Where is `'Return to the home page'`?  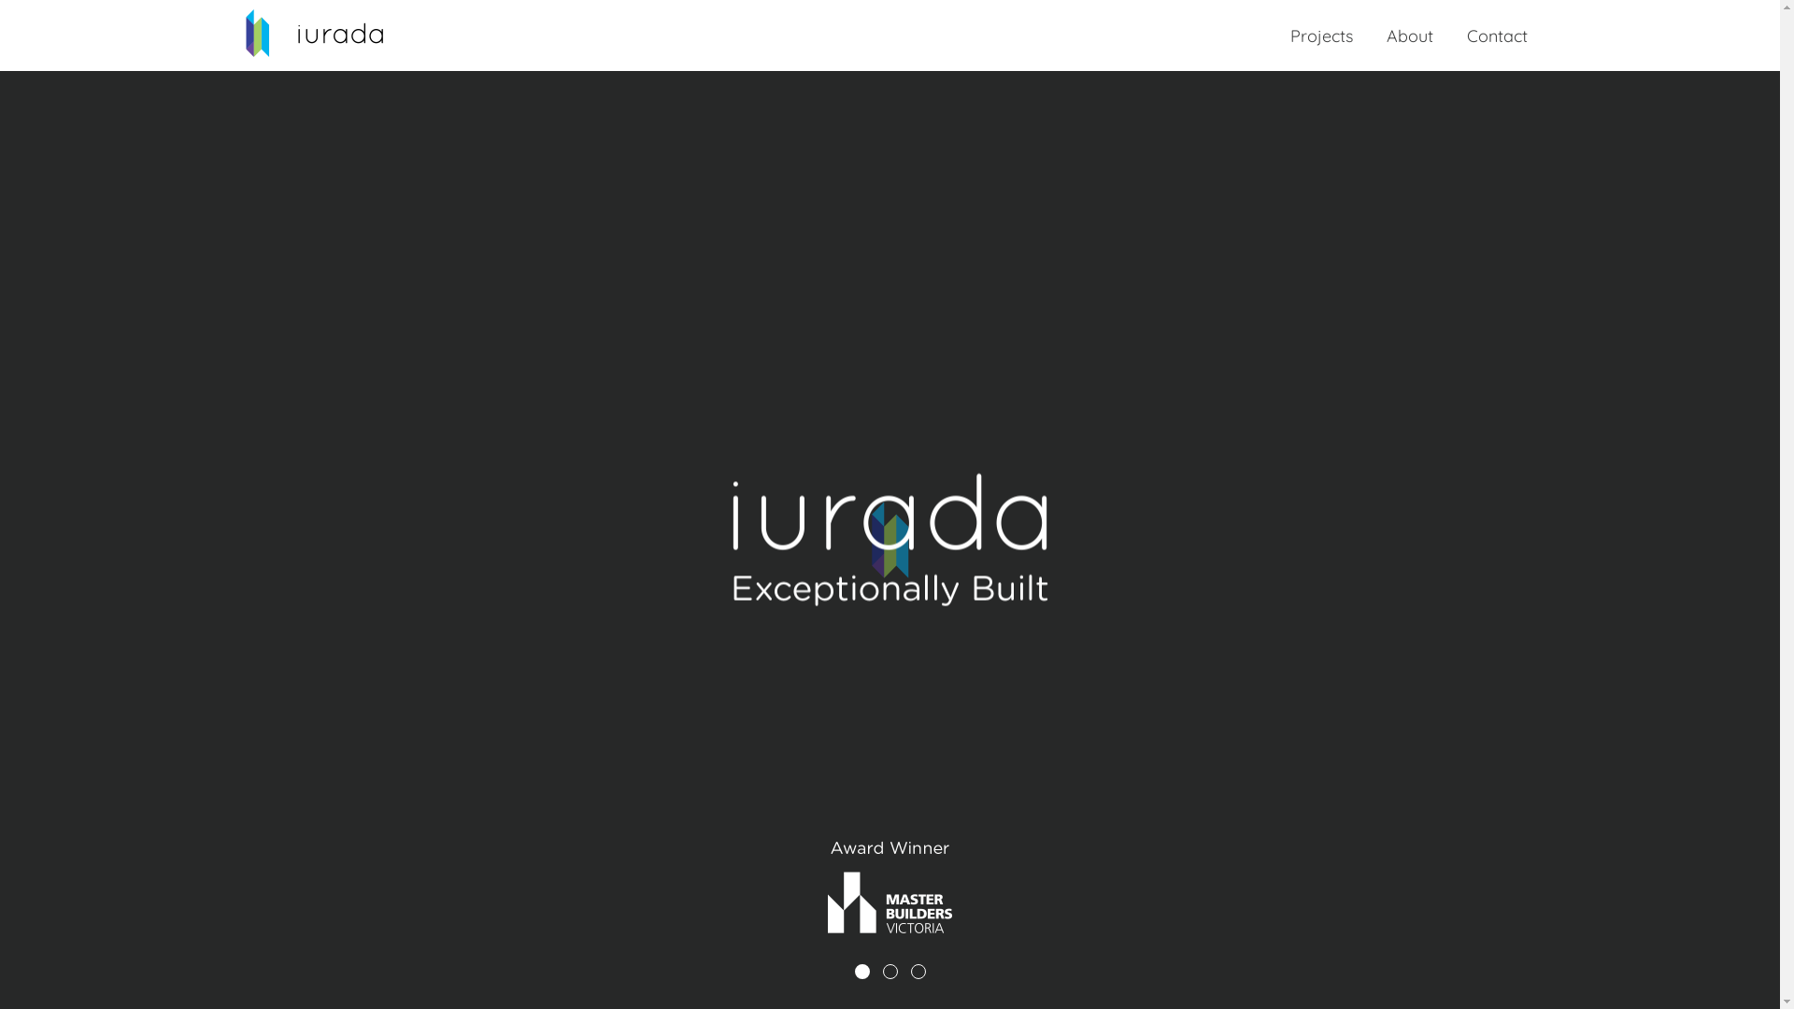 'Return to the home page' is located at coordinates (244, 31).